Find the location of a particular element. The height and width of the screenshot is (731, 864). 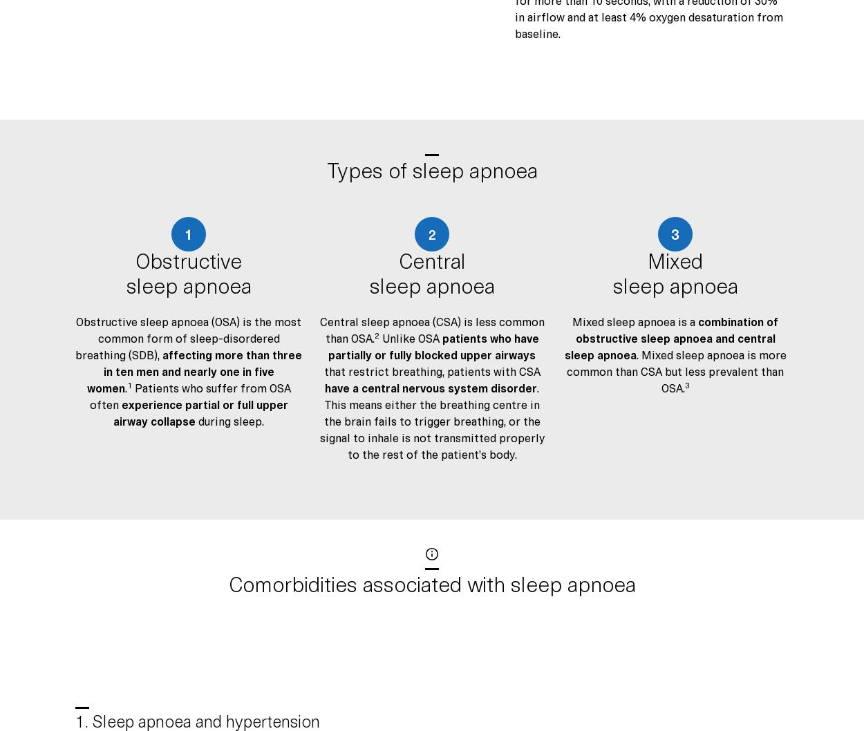

'ResMed EMEA General Commercial Terms and Conditions  (Professionals)' is located at coordinates (500, 695).